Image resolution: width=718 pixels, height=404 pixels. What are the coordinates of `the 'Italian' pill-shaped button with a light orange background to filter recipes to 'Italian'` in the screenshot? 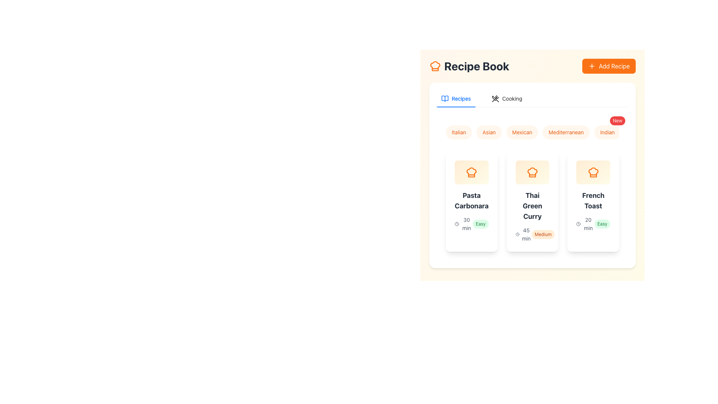 It's located at (458, 132).